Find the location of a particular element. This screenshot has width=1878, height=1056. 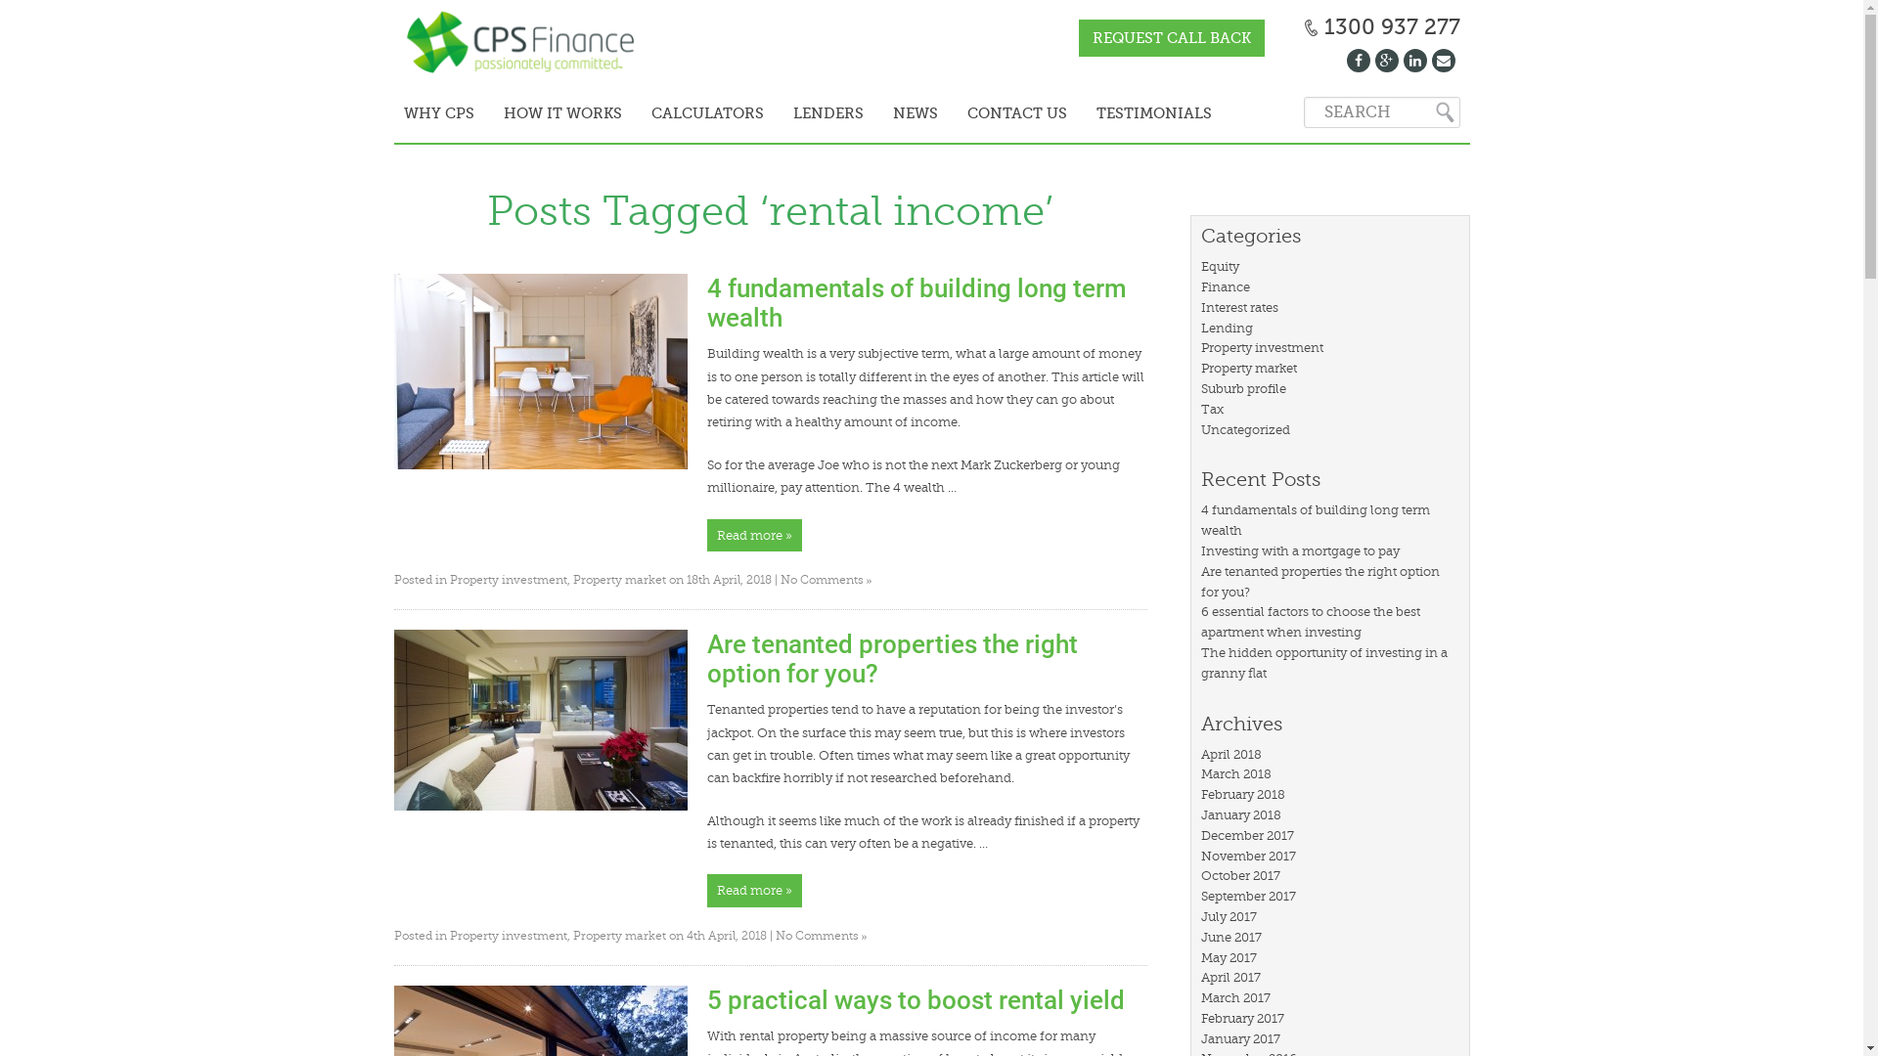

'December 2017' is located at coordinates (1246, 835).